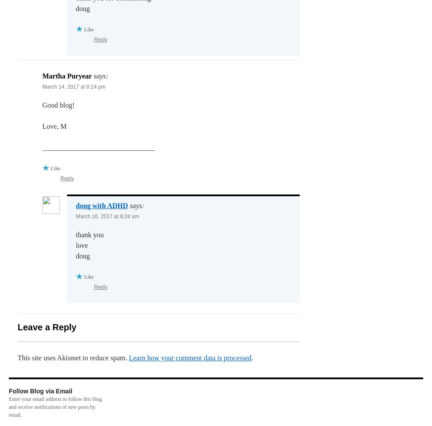  Describe the element at coordinates (89, 234) in the screenshot. I see `'thank you'` at that location.